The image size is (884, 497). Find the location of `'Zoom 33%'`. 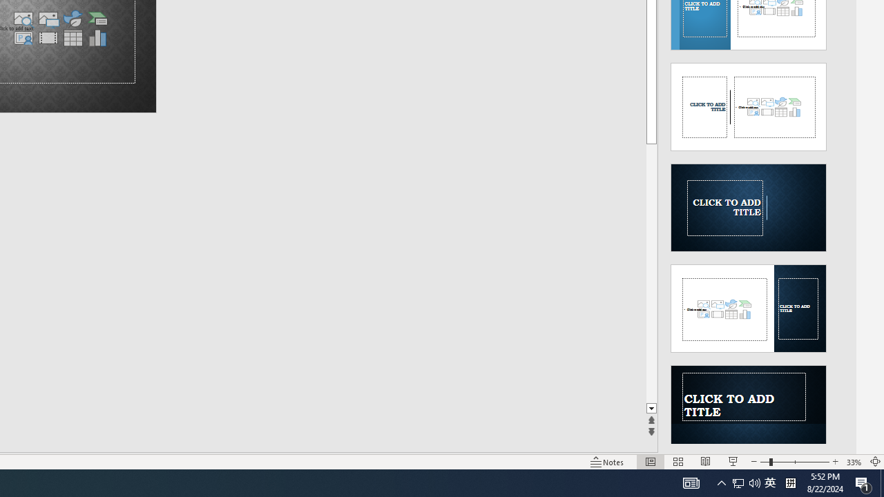

'Zoom 33%' is located at coordinates (854, 462).